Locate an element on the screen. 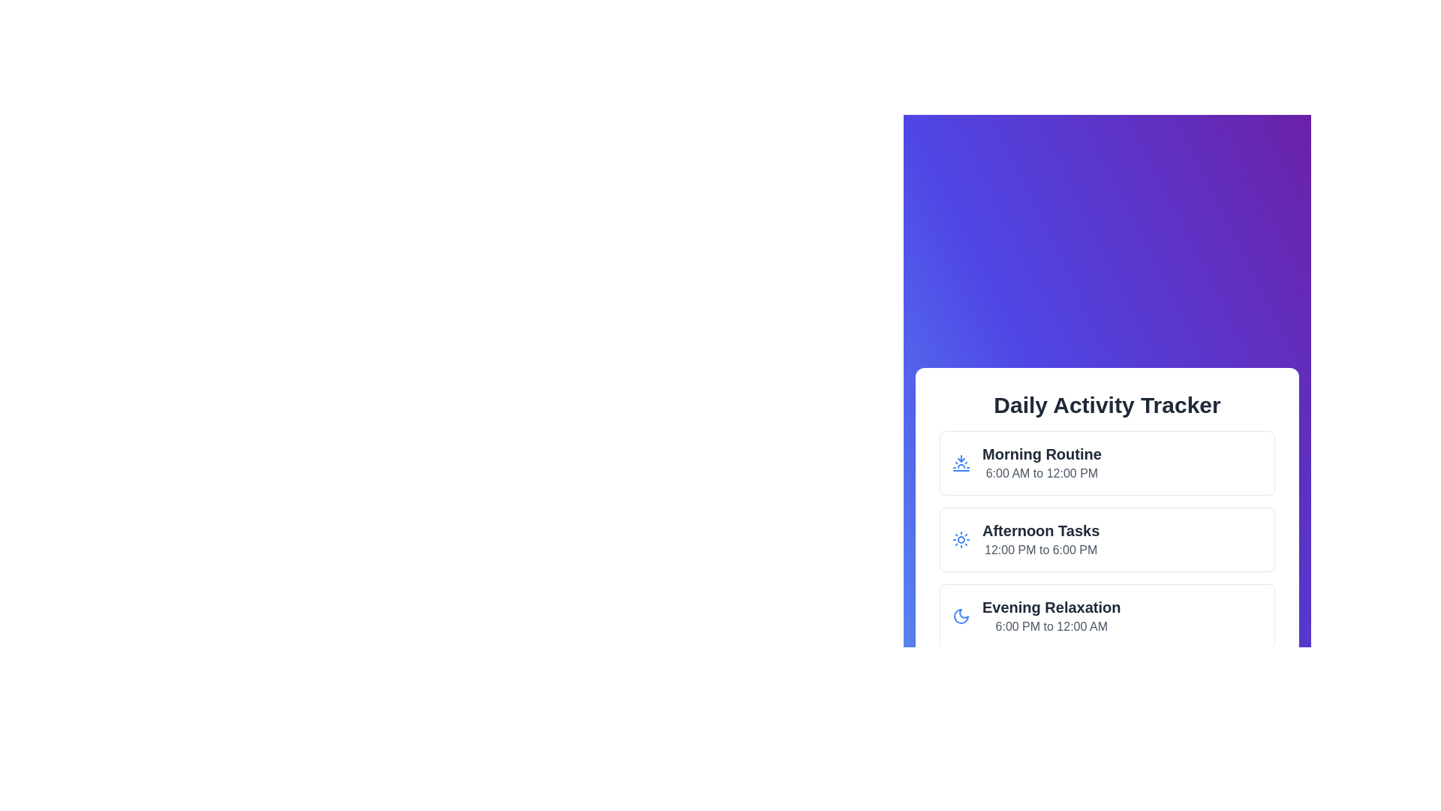  the crescent moon-shaped icon associated with the 'Evening Relaxation' section is located at coordinates (961, 617).